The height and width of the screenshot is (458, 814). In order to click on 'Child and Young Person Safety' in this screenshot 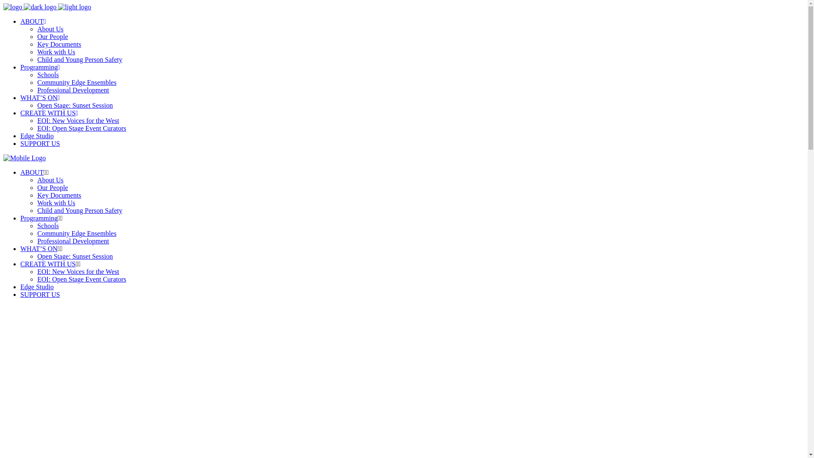, I will do `click(36, 59)`.